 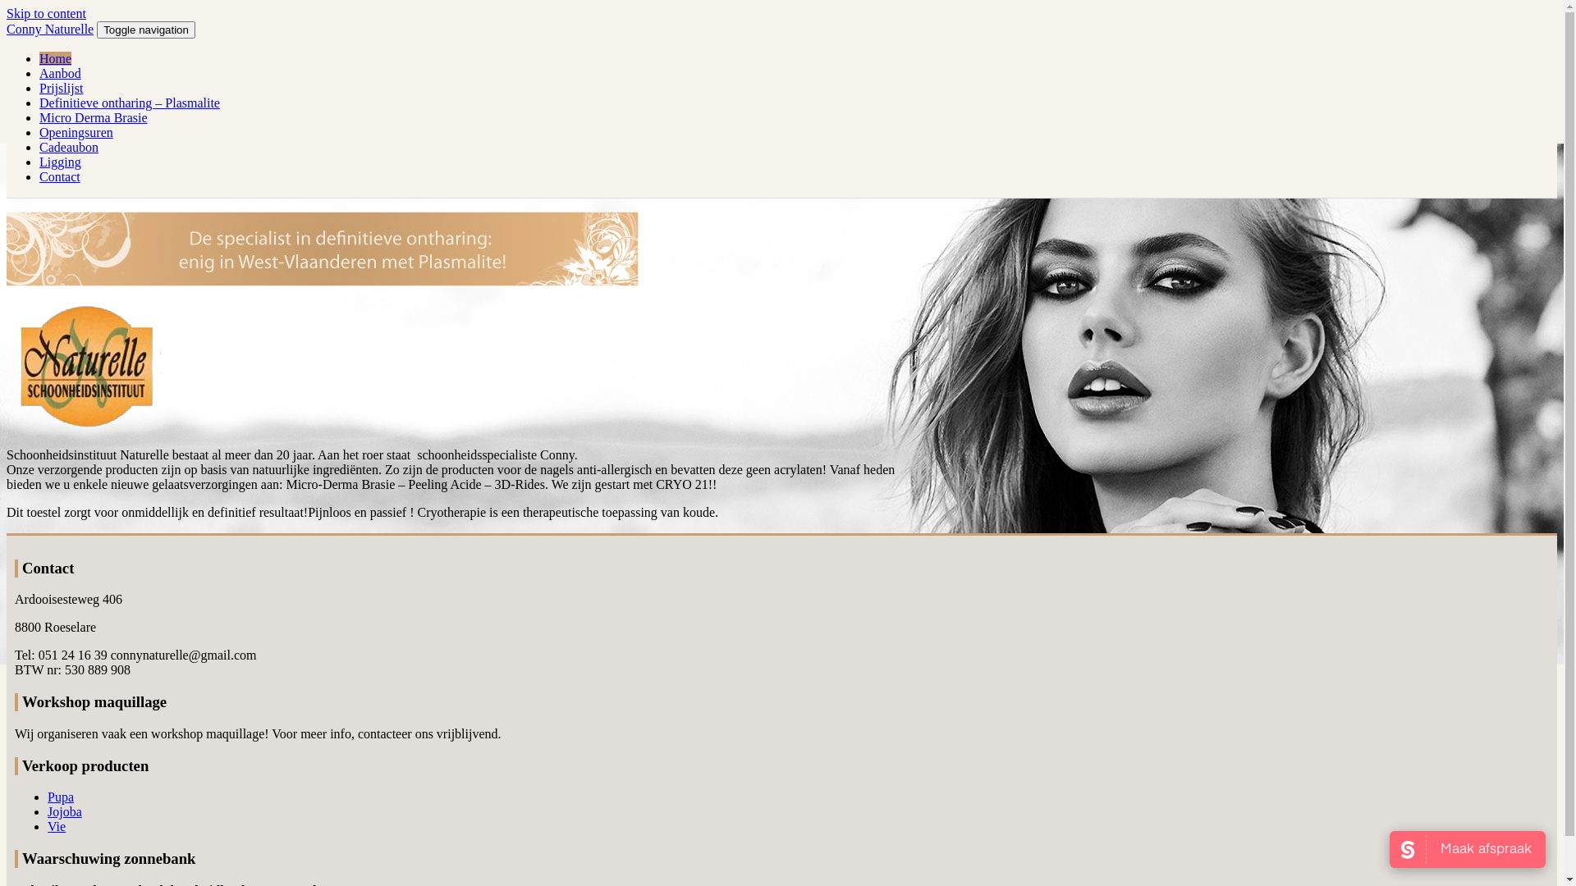 What do you see at coordinates (60, 72) in the screenshot?
I see `'Aanbod'` at bounding box center [60, 72].